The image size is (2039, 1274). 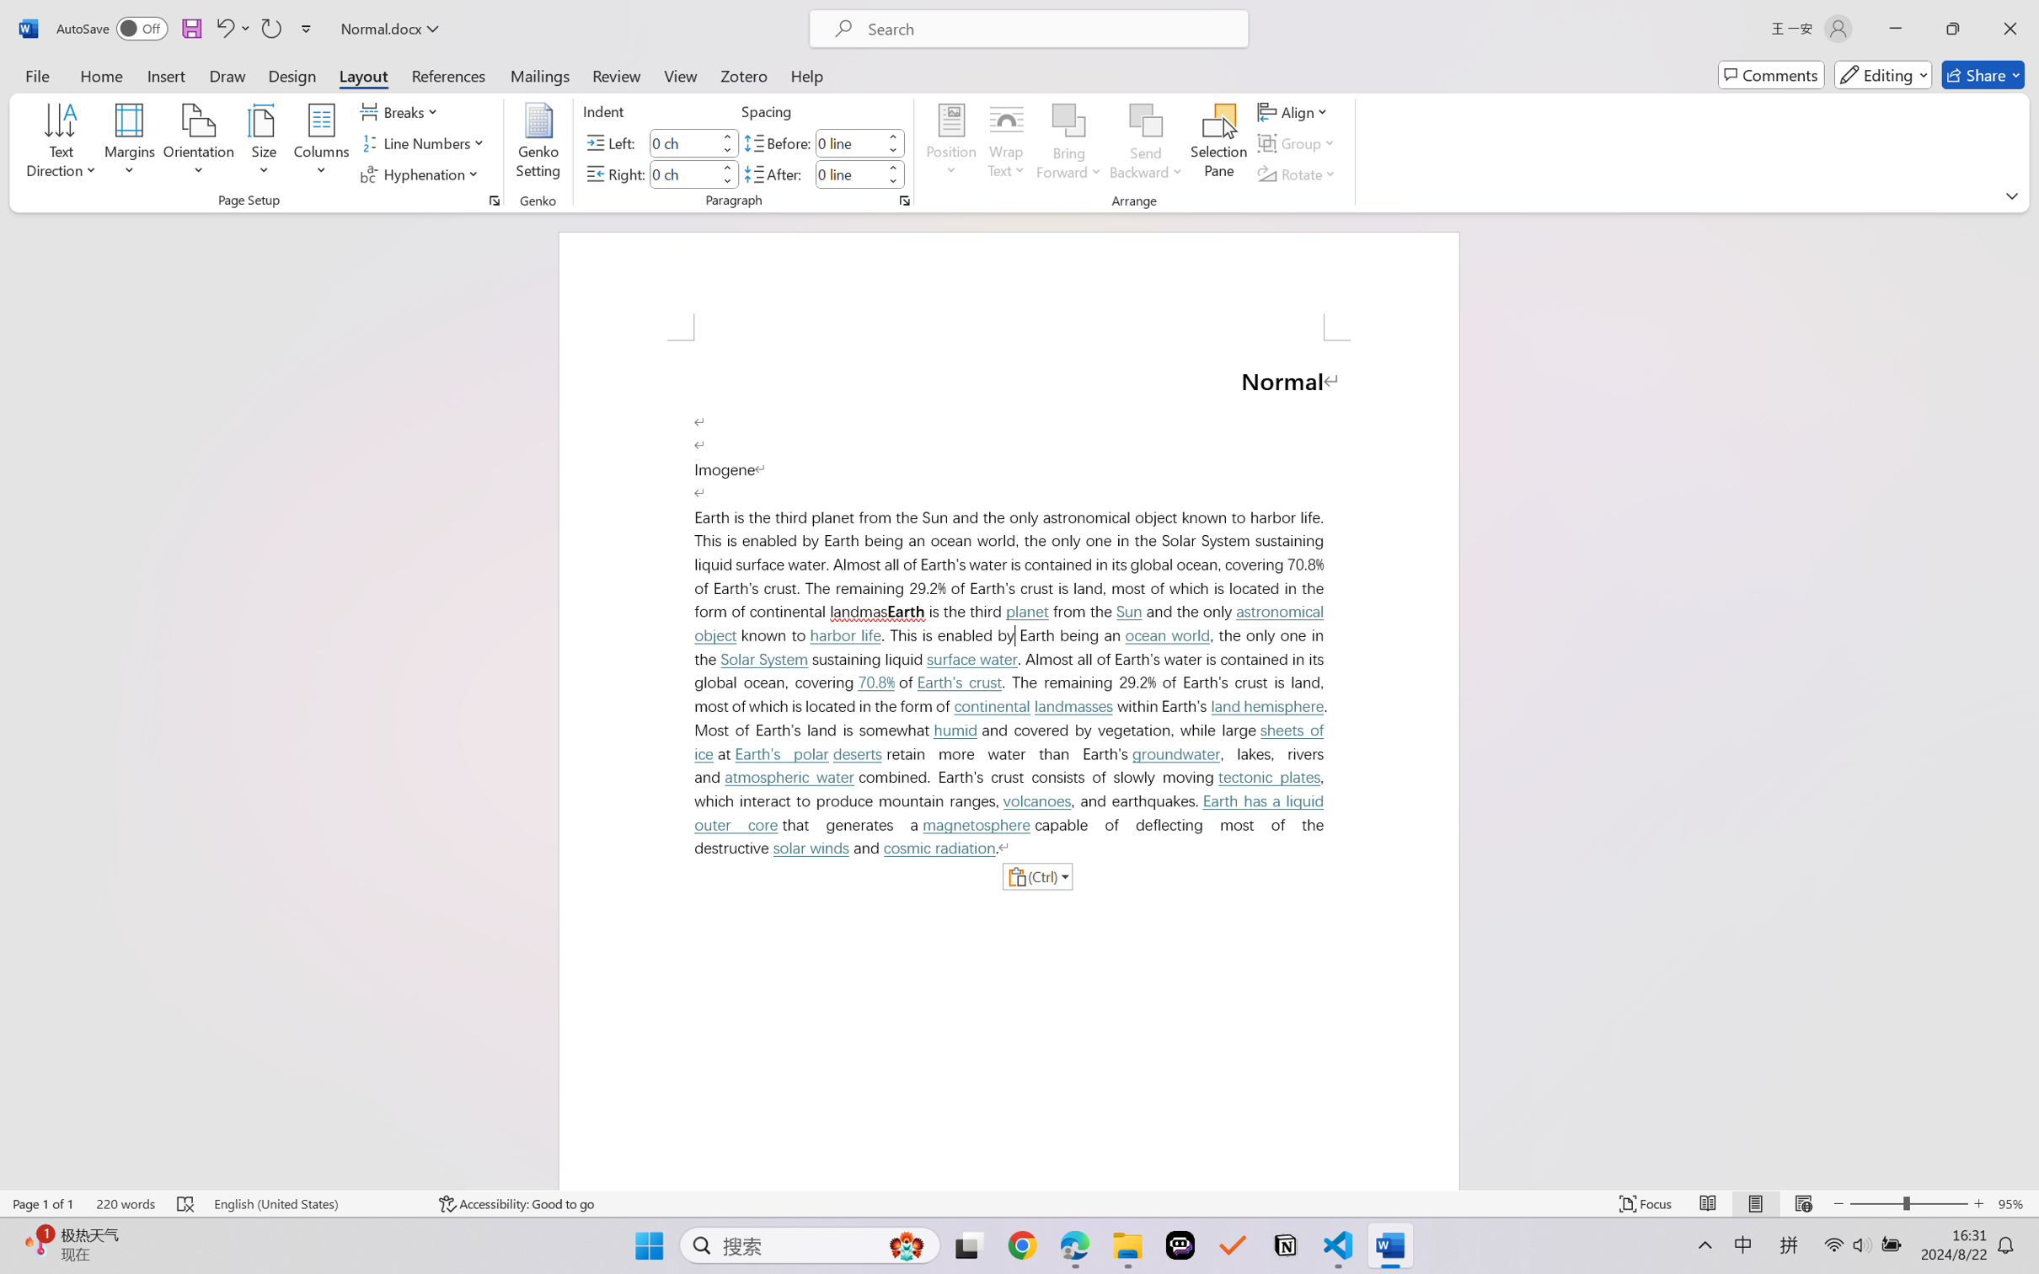 What do you see at coordinates (848, 173) in the screenshot?
I see `'Spacing After'` at bounding box center [848, 173].